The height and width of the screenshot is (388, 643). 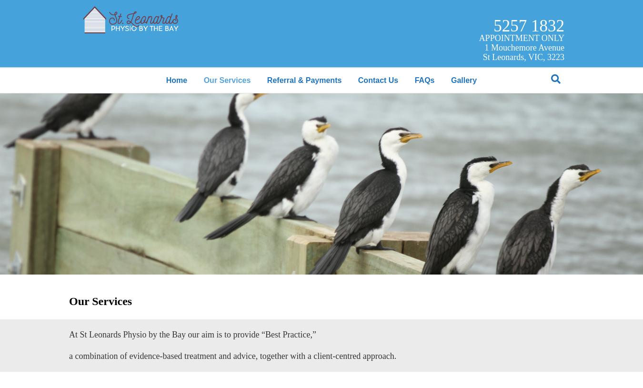 What do you see at coordinates (192, 334) in the screenshot?
I see `'At St Leonards Physio by the Bay our aim is to provide “Best Practice,”'` at bounding box center [192, 334].